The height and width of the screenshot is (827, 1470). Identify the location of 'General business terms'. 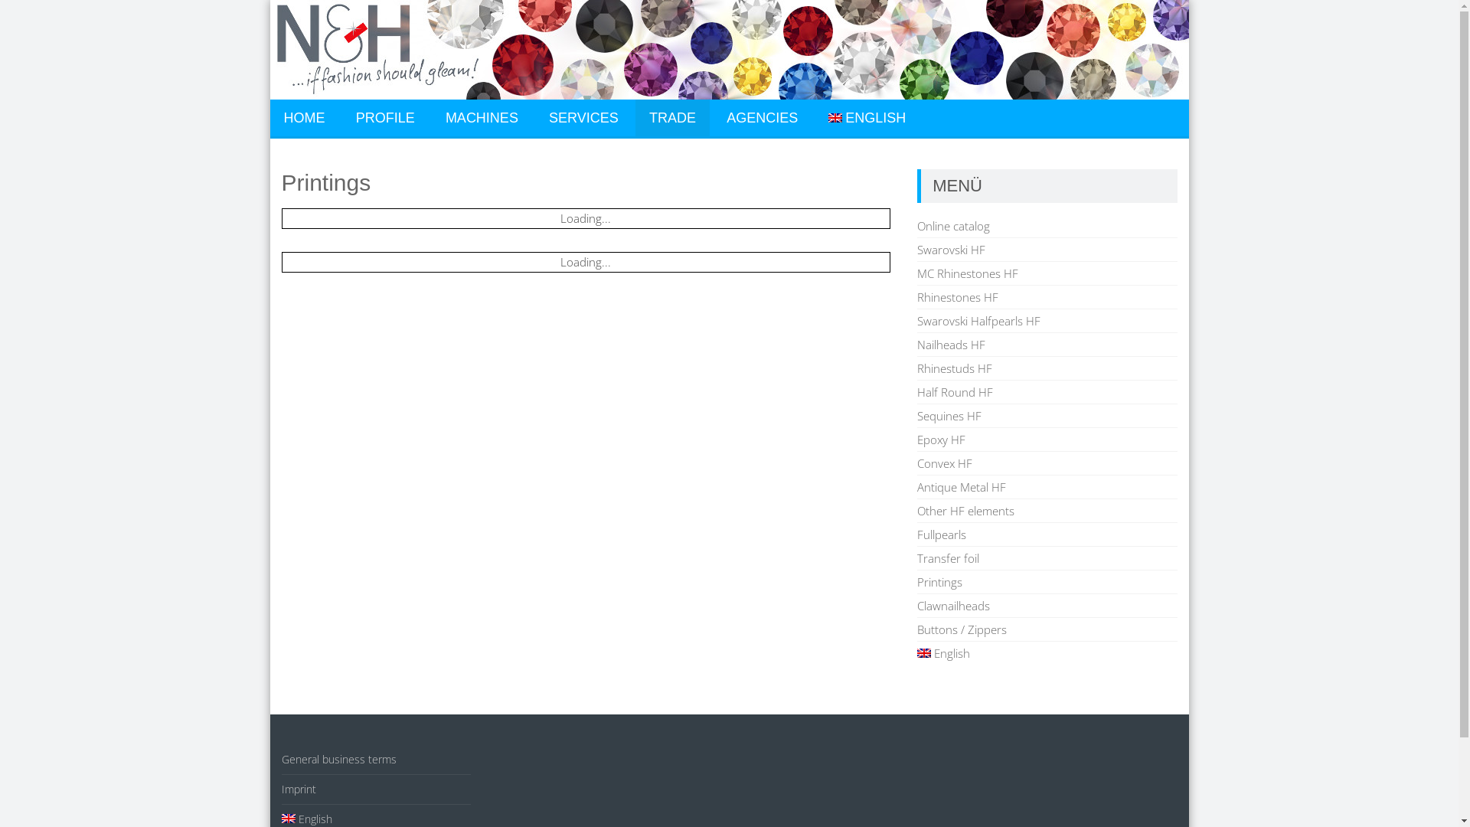
(338, 759).